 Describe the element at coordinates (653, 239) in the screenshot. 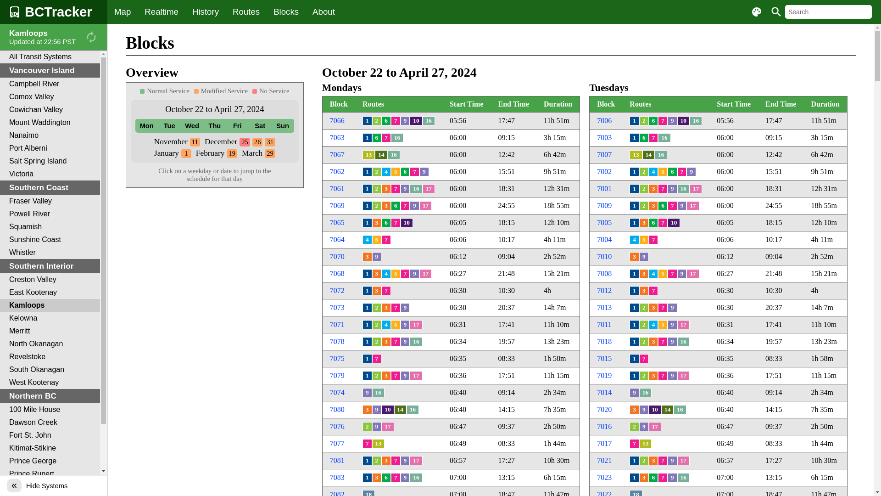

I see `'7'` at that location.